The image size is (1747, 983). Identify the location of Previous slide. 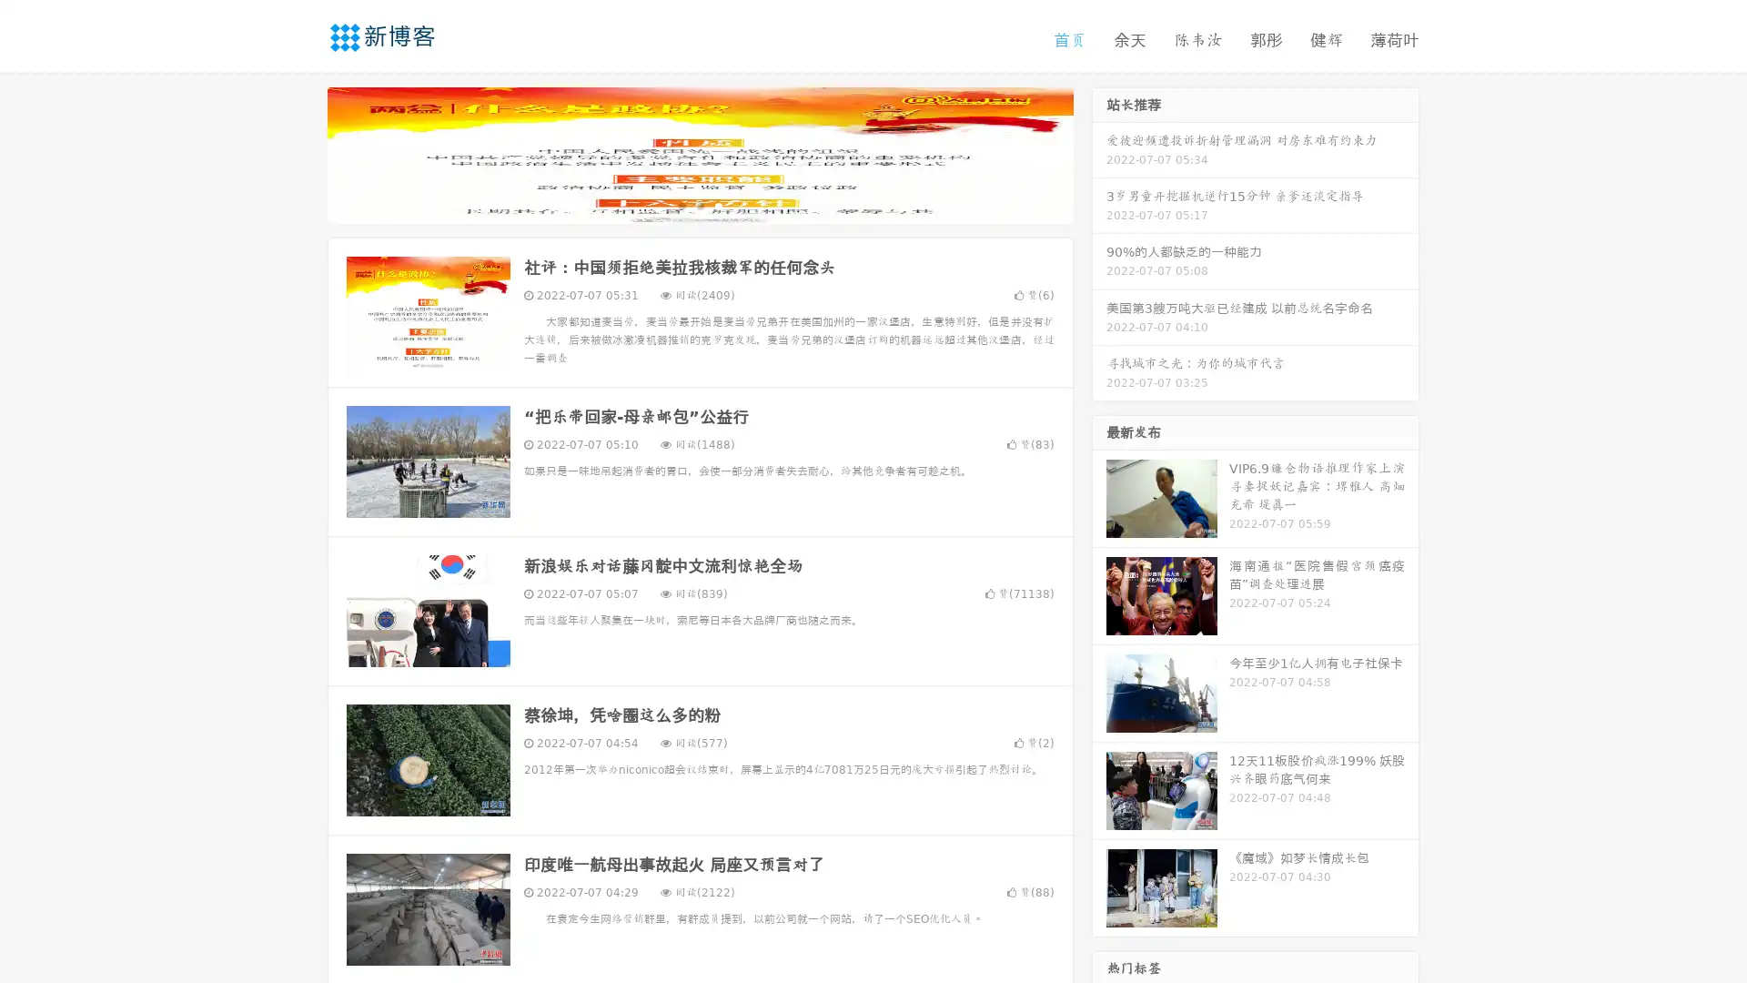
(300, 153).